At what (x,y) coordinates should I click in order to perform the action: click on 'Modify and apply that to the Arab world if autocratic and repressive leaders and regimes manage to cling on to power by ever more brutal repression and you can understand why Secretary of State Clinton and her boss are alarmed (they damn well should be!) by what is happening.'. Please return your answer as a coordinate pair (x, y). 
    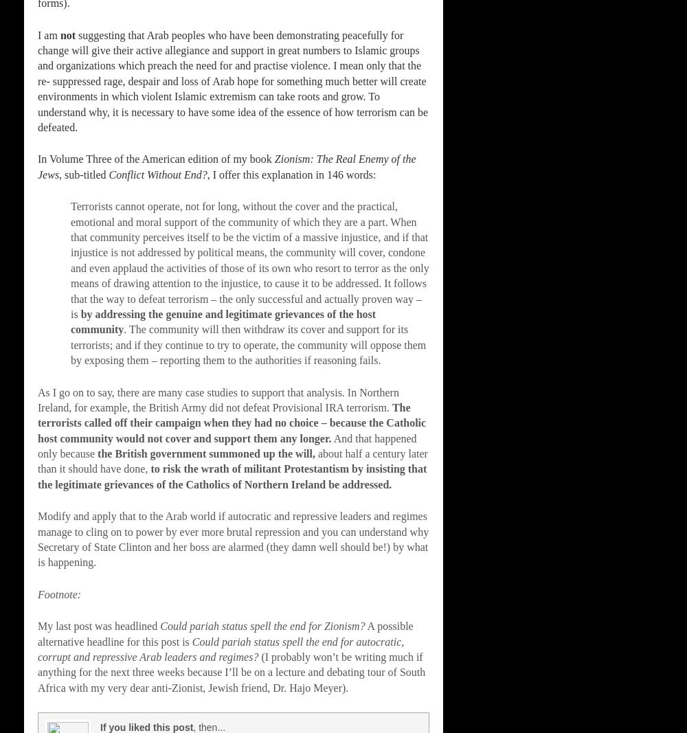
    Looking at the image, I should click on (38, 538).